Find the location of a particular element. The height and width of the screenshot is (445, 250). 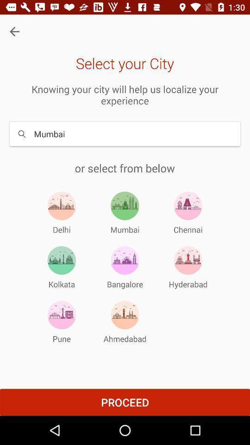

to return is located at coordinates (14, 32).